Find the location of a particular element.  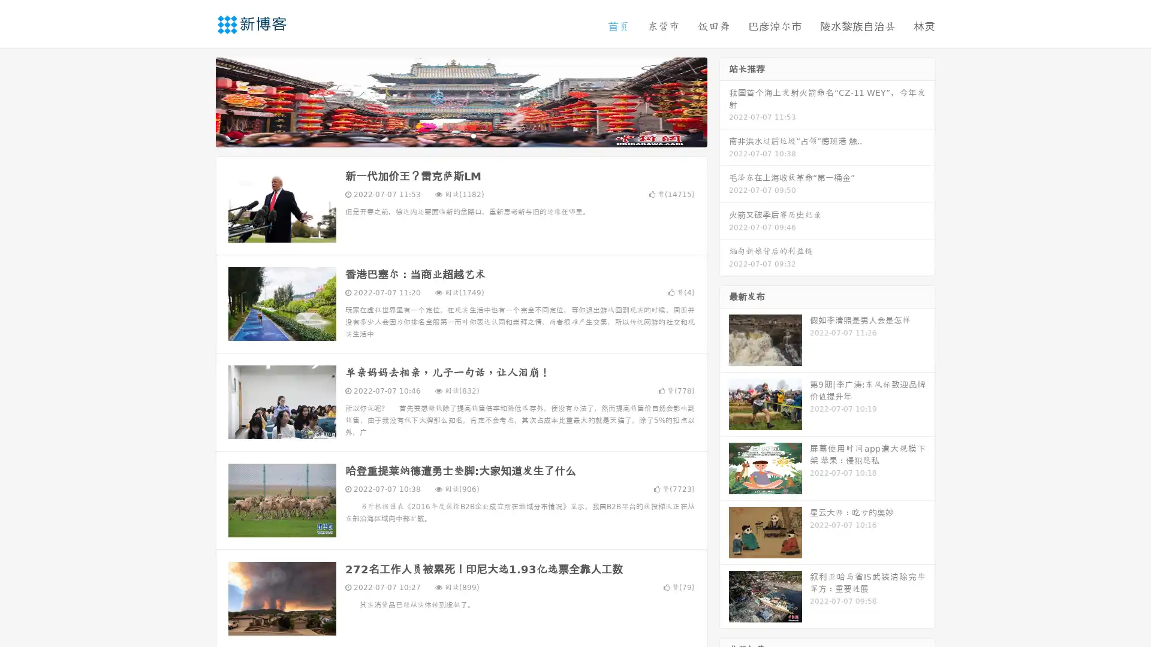

Go to slide 1 is located at coordinates (448, 135).